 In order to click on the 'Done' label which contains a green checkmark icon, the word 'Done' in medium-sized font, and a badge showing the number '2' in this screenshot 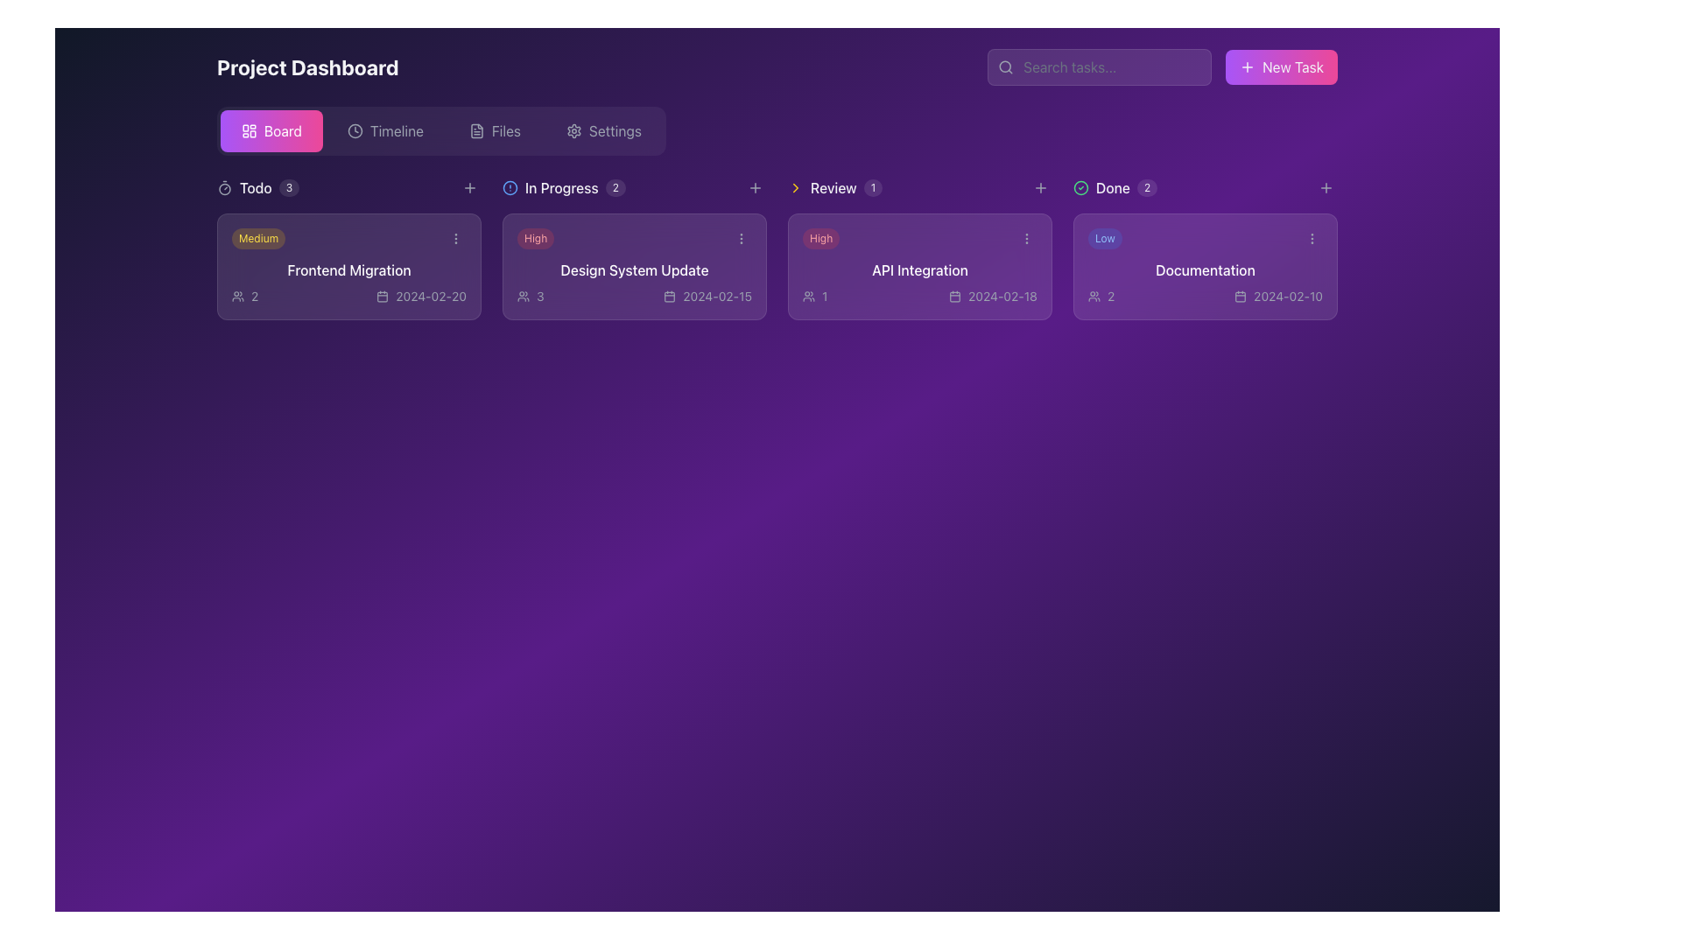, I will do `click(1114, 188)`.